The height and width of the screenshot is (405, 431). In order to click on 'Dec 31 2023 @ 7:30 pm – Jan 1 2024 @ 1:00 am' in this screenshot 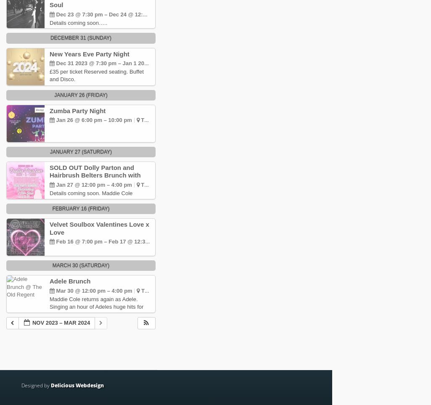, I will do `click(54, 63)`.